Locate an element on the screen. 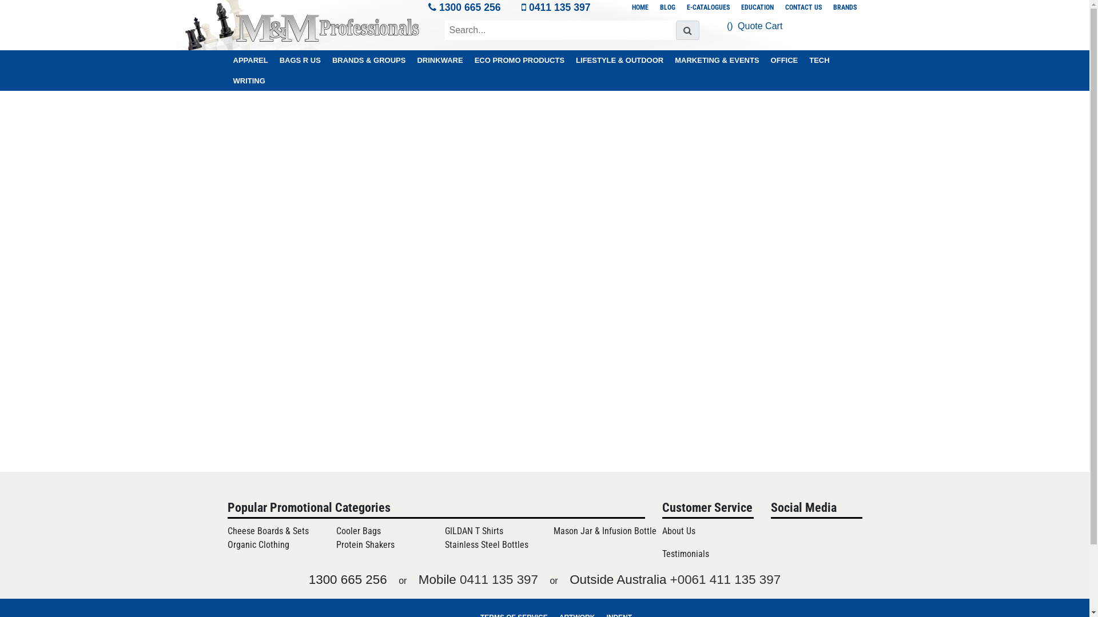 This screenshot has height=617, width=1098. 'Quote Cart' is located at coordinates (760, 26).